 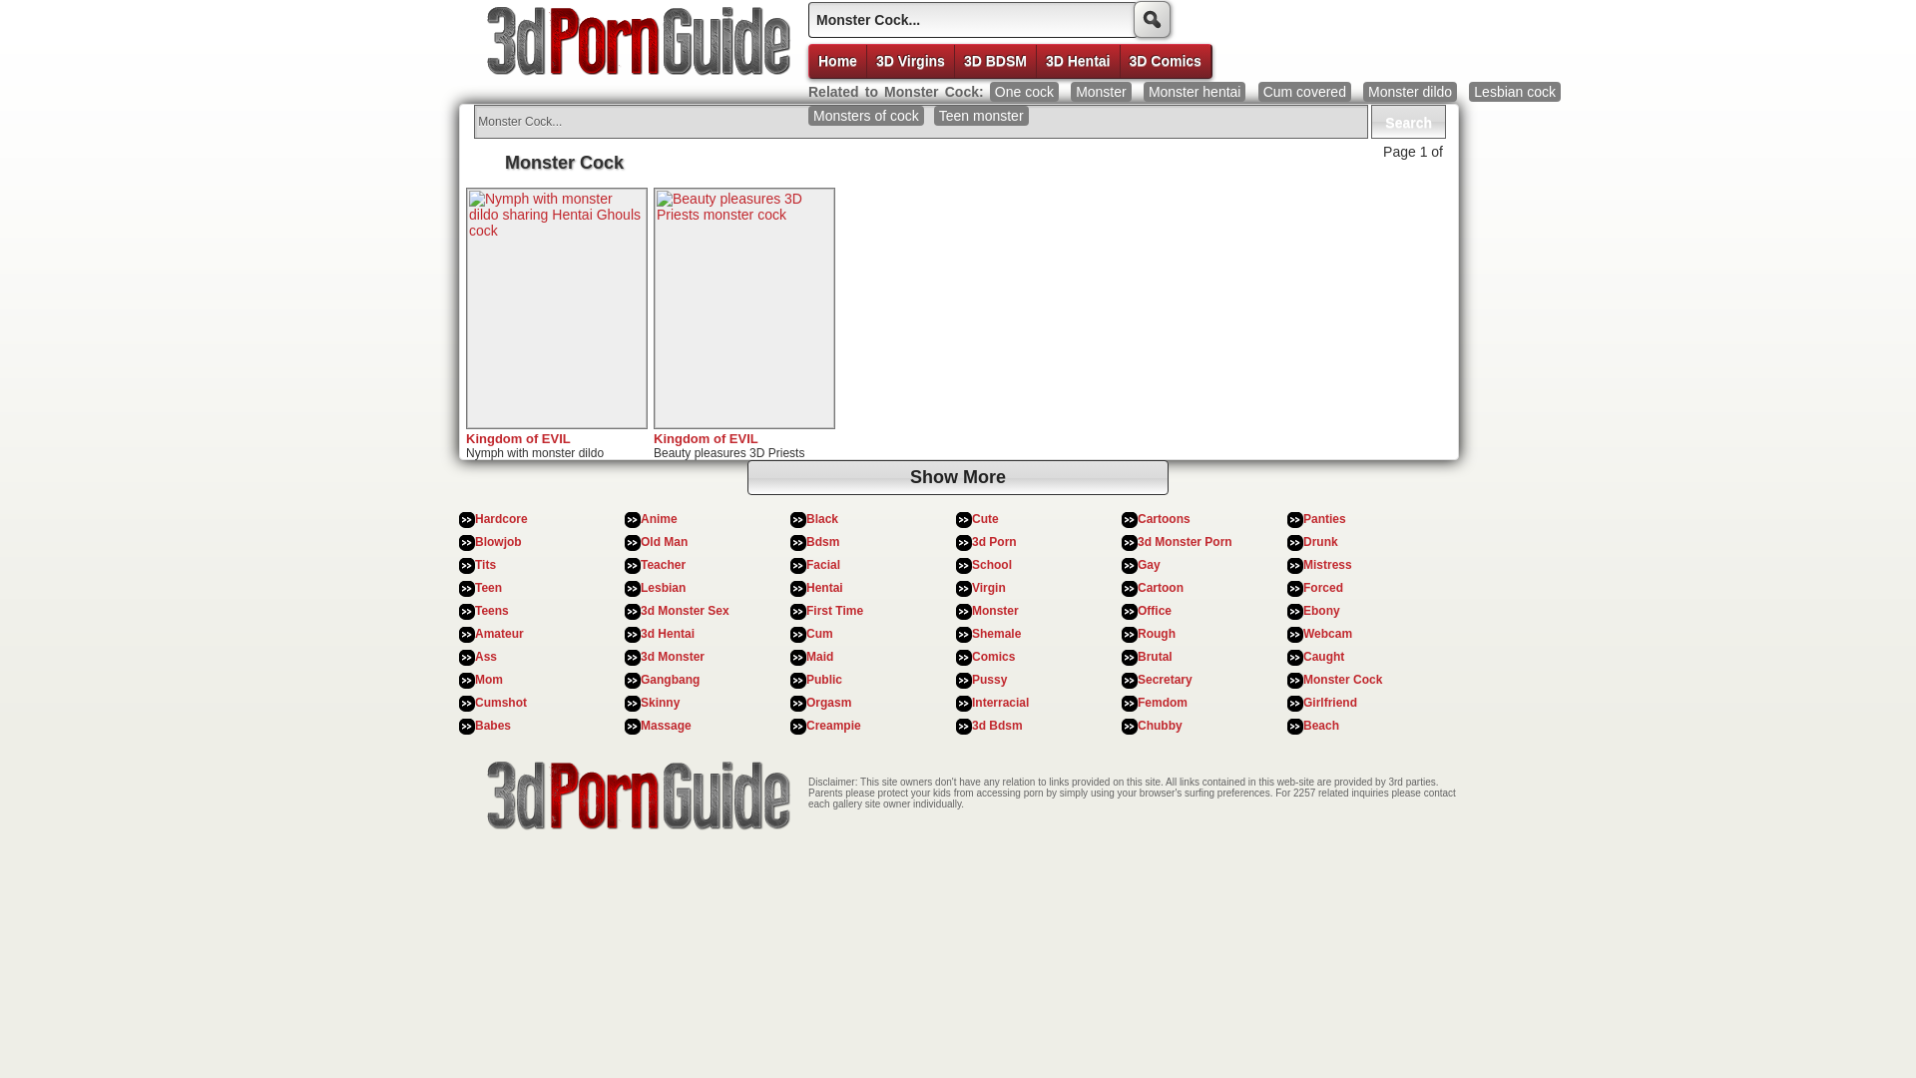 What do you see at coordinates (1160, 725) in the screenshot?
I see `'Chubby'` at bounding box center [1160, 725].